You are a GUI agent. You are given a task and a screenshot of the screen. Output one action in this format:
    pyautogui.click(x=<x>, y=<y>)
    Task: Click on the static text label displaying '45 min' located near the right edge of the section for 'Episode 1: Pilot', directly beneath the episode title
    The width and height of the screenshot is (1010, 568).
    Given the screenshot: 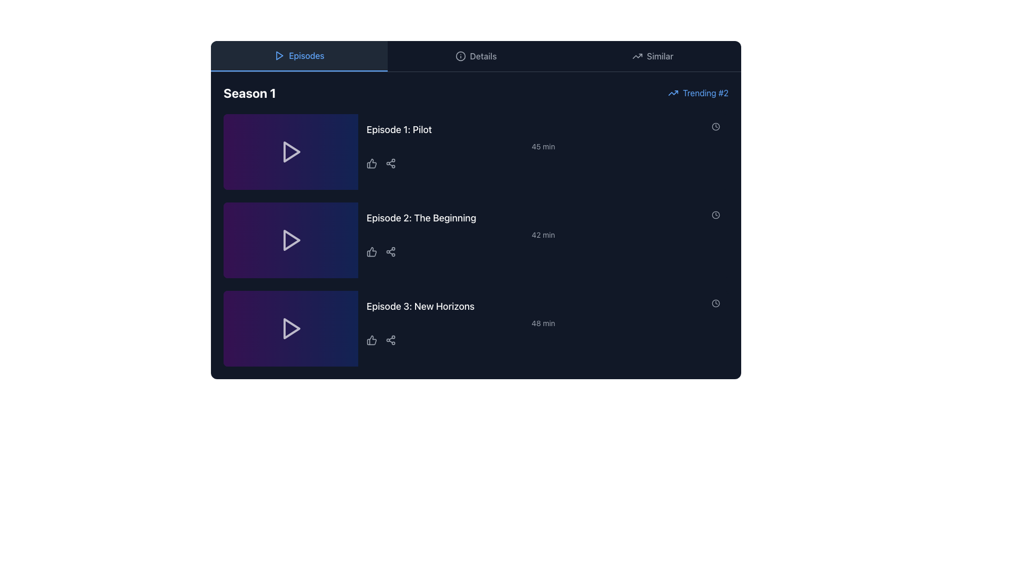 What is the action you would take?
    pyautogui.click(x=543, y=146)
    